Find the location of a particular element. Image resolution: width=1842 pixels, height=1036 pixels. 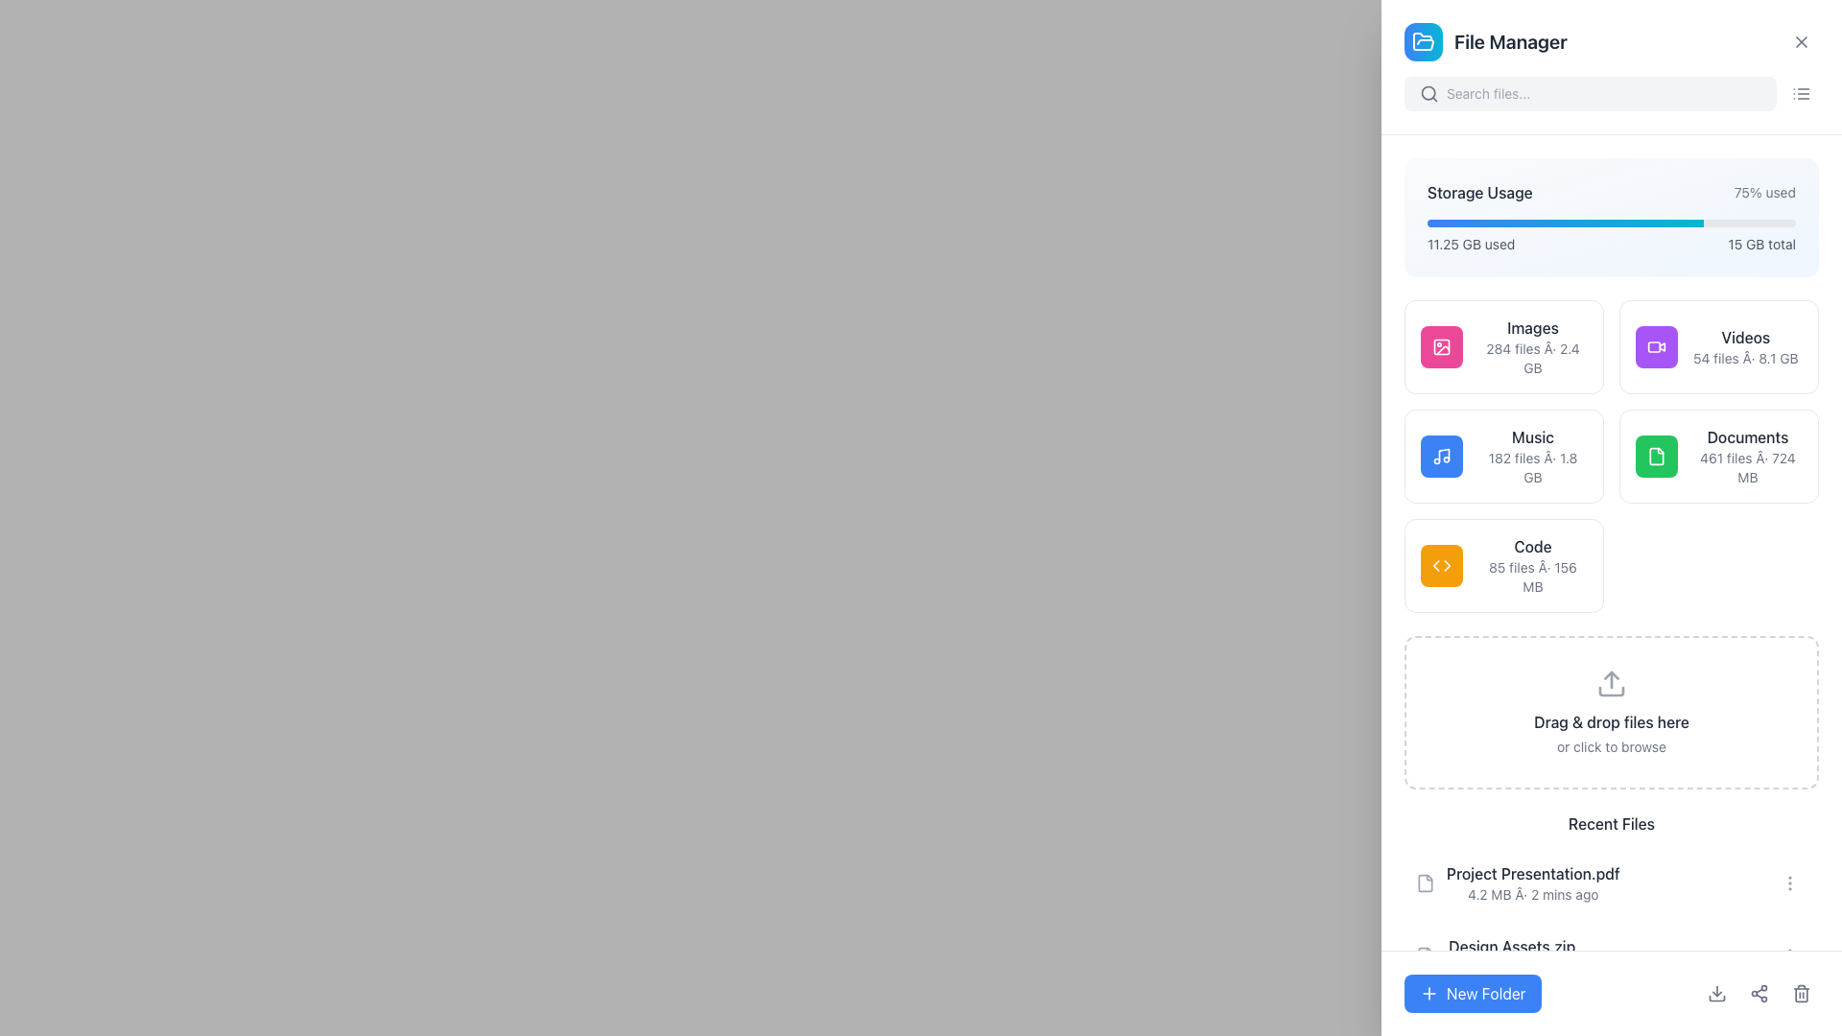

the text label displaying 'Documents' is located at coordinates (1748, 456).